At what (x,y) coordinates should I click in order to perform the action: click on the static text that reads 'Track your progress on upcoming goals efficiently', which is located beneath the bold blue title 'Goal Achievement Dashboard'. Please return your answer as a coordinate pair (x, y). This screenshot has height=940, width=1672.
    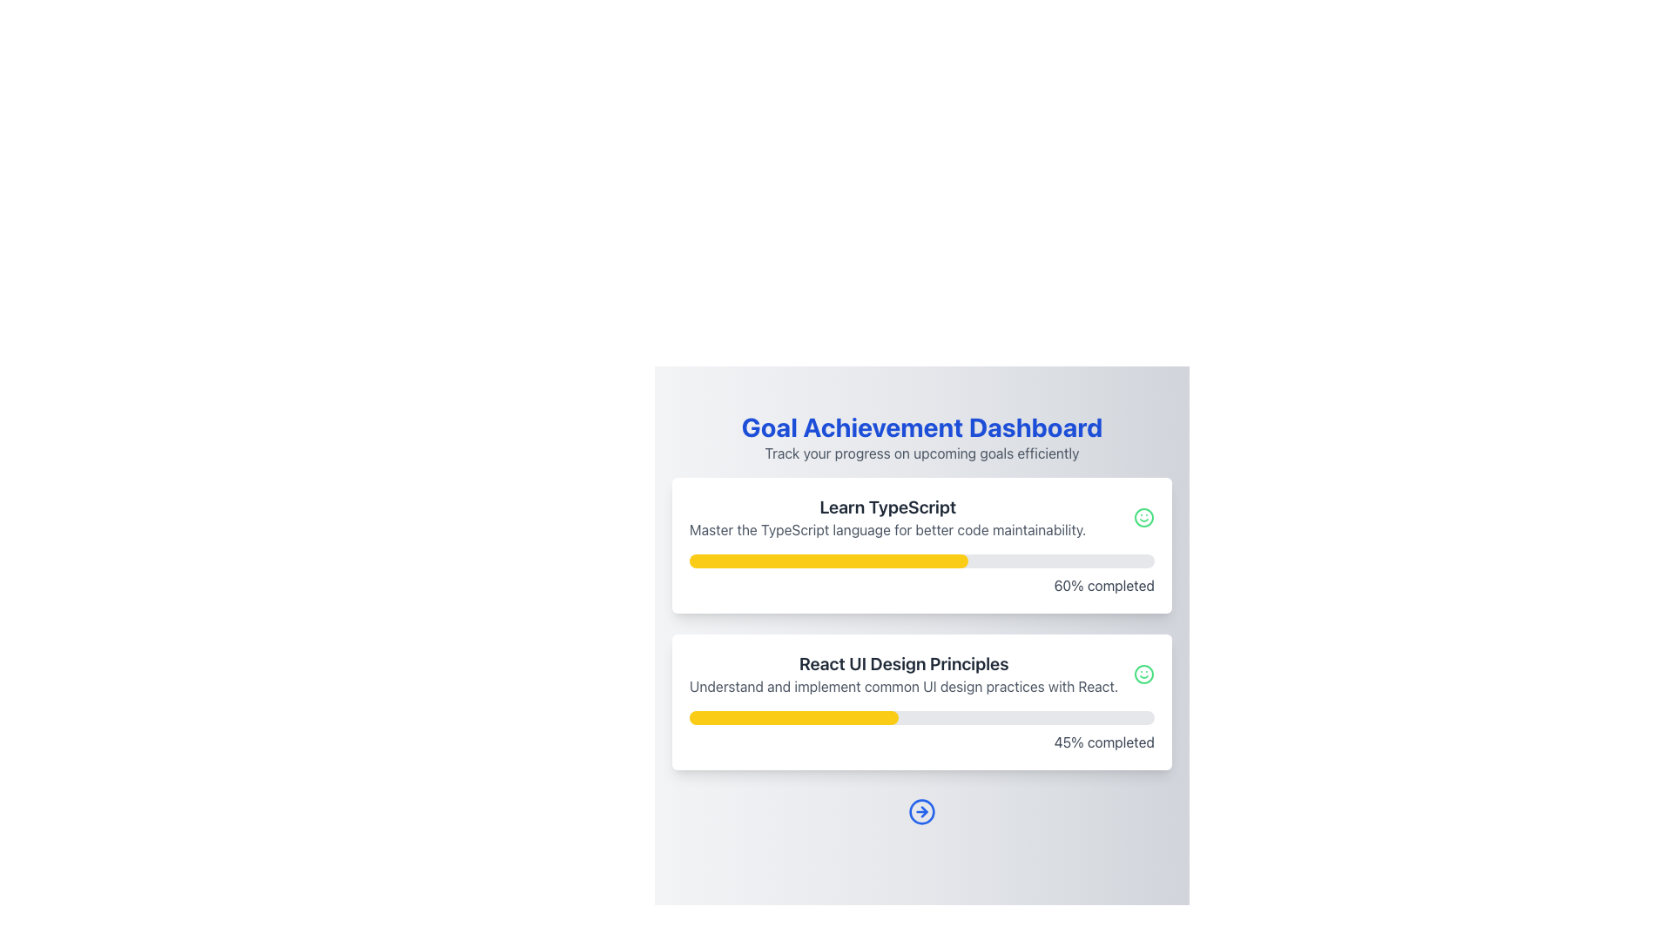
    Looking at the image, I should click on (921, 452).